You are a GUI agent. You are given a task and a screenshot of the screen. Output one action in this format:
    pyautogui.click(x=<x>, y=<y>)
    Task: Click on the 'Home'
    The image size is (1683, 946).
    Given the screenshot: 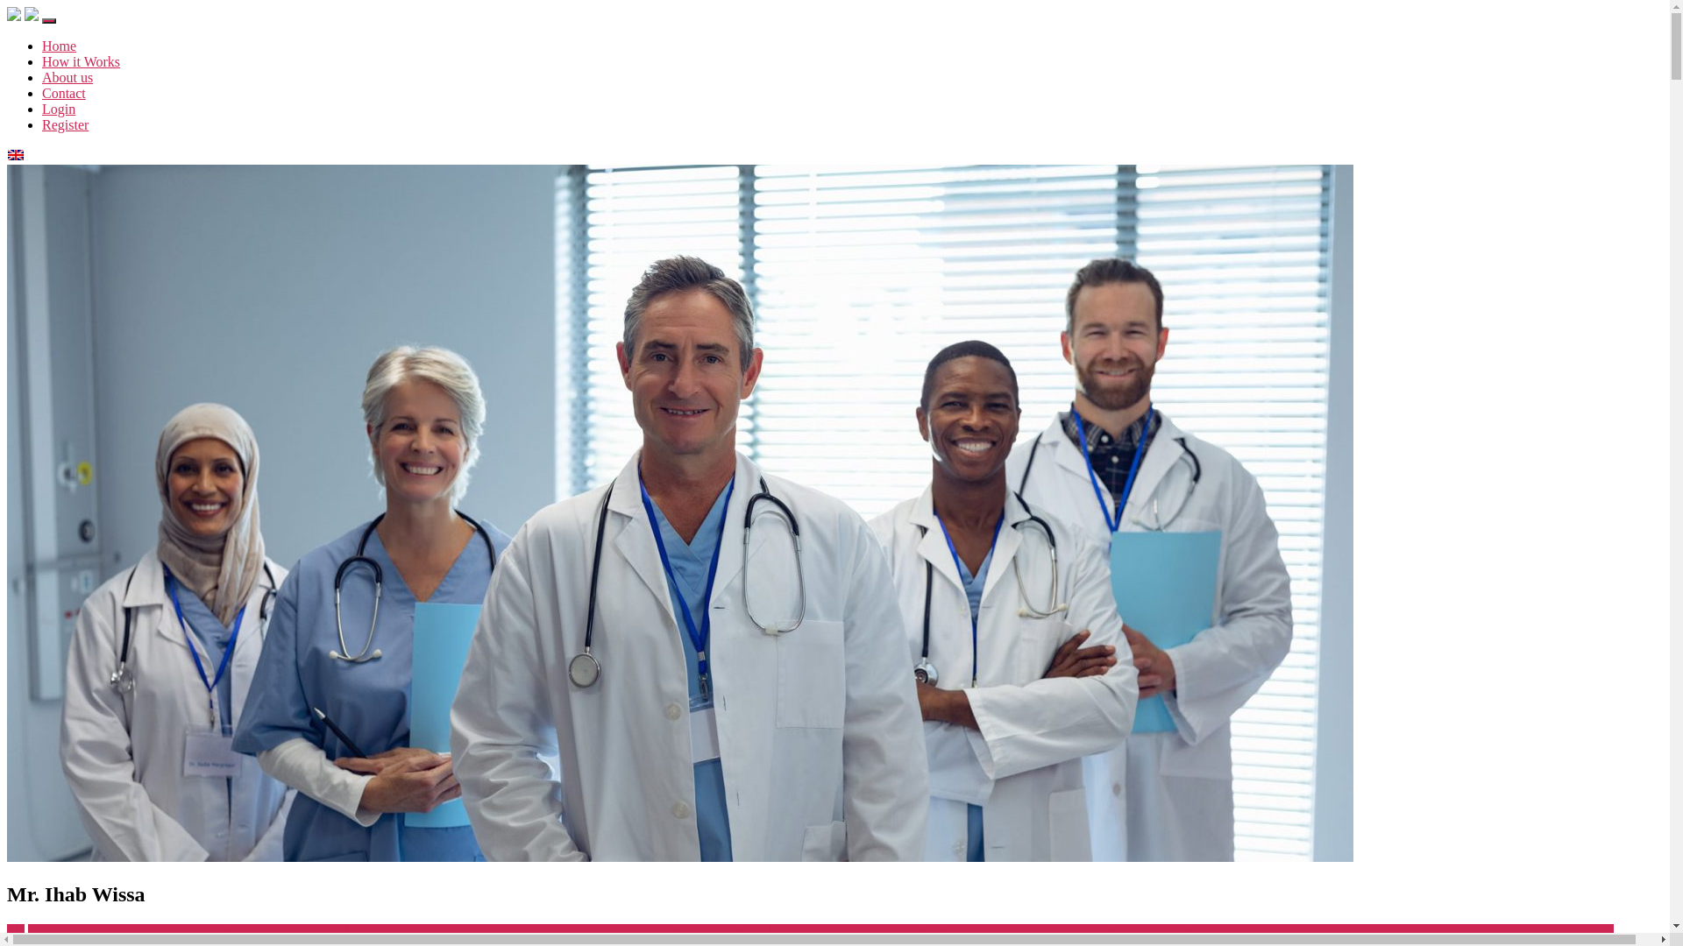 What is the action you would take?
    pyautogui.click(x=59, y=45)
    